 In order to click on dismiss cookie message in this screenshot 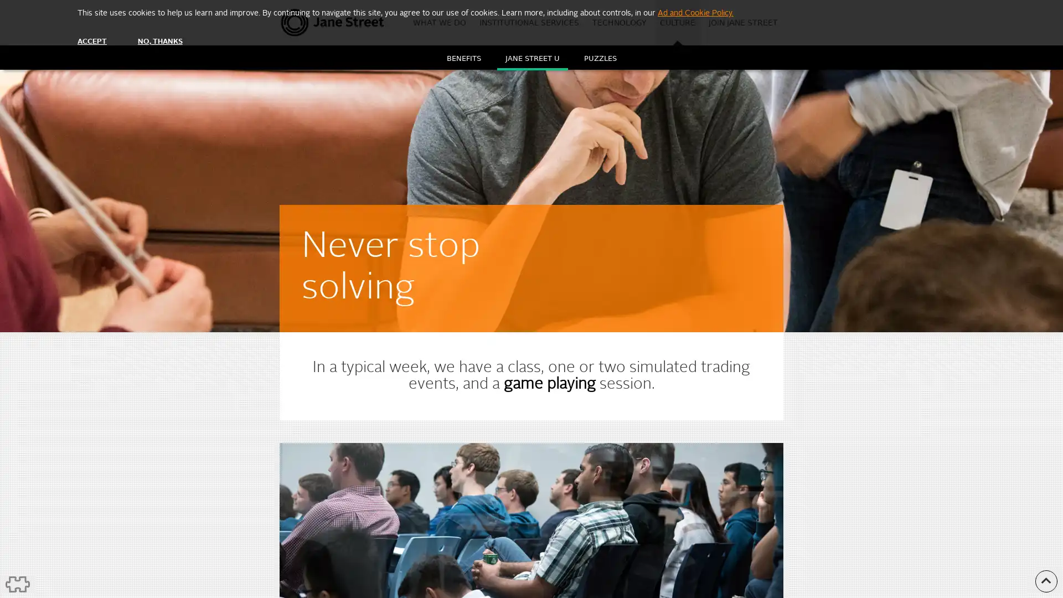, I will do `click(92, 41)`.